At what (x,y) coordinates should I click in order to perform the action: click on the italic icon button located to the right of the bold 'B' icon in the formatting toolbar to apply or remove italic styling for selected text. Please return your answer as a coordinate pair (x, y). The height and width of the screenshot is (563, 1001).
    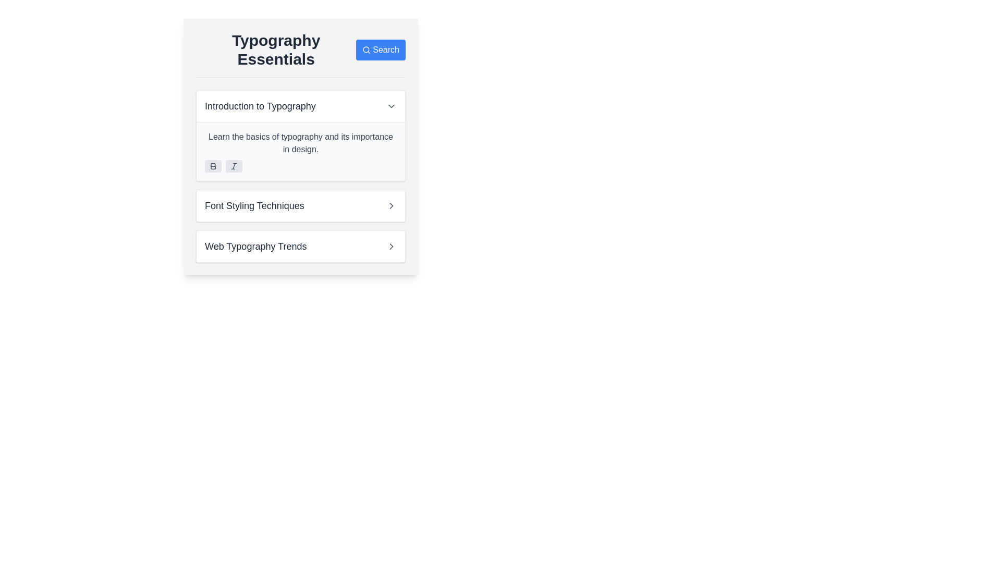
    Looking at the image, I should click on (234, 166).